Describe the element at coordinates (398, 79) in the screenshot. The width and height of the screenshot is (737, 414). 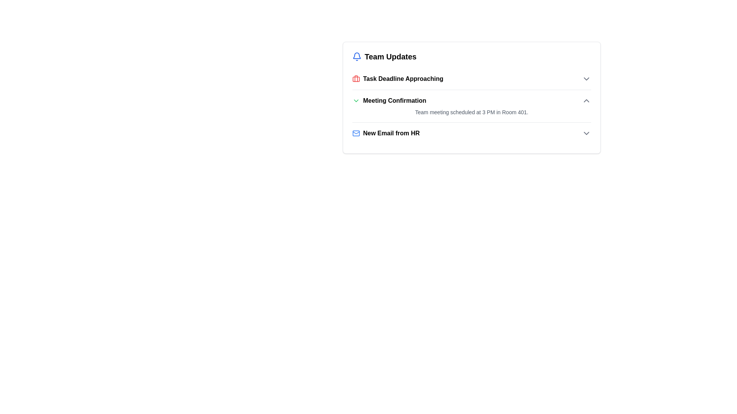
I see `the Notification item that features a red briefcase icon and the text 'Task Deadline Approaching'` at that location.